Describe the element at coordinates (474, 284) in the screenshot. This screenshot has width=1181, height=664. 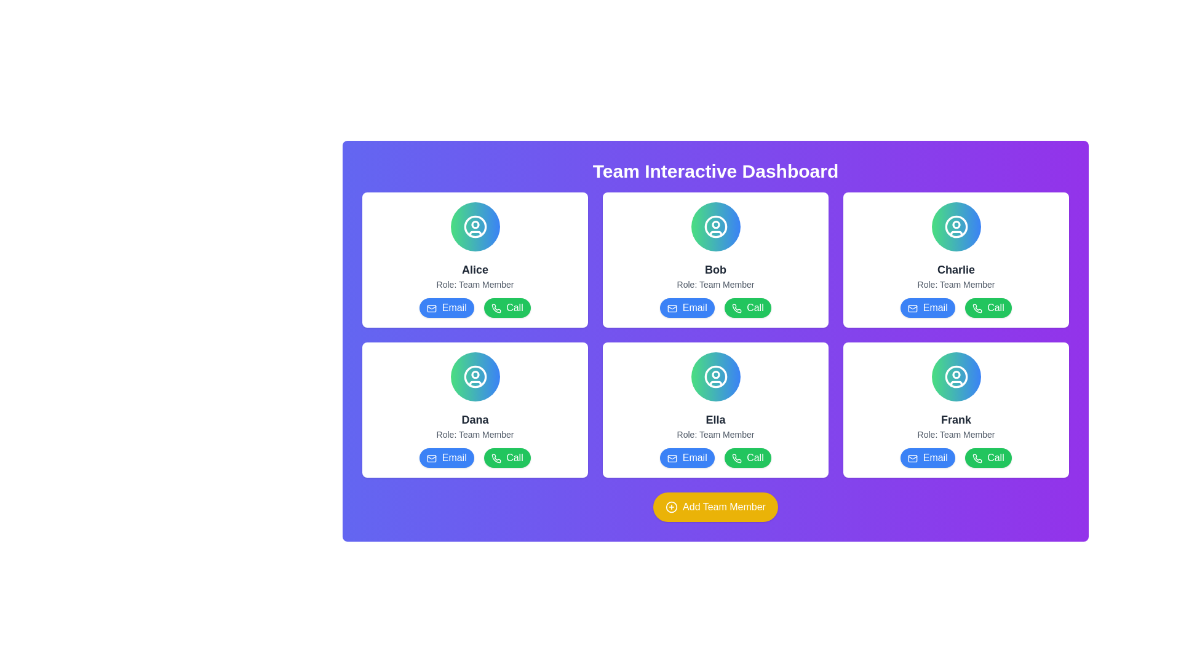
I see `the label that describes the role information for the team member 'Alice', which is positioned directly beneath the 'Alice' text and above the 'Email' and 'Call' buttons` at that location.